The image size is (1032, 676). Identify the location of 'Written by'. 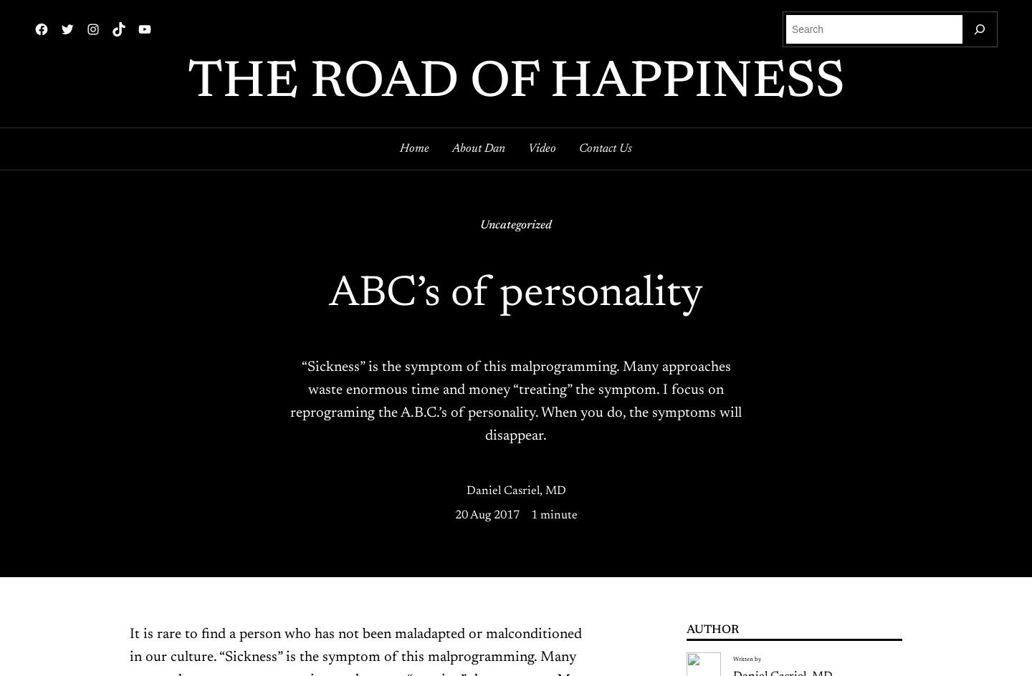
(746, 658).